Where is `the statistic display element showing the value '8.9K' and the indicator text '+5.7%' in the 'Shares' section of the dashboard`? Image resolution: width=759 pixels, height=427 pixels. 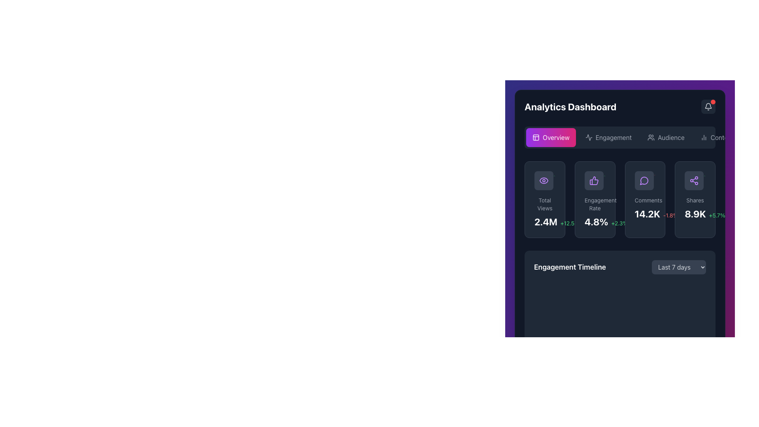
the statistic display element showing the value '8.9K' and the indicator text '+5.7%' in the 'Shares' section of the dashboard is located at coordinates (695, 213).